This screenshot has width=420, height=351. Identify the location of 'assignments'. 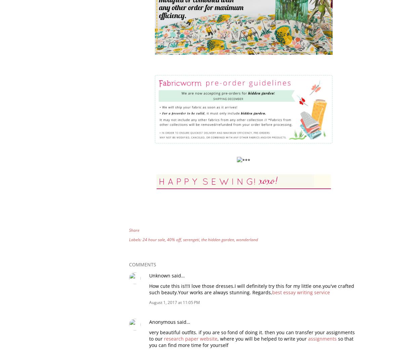
(322, 338).